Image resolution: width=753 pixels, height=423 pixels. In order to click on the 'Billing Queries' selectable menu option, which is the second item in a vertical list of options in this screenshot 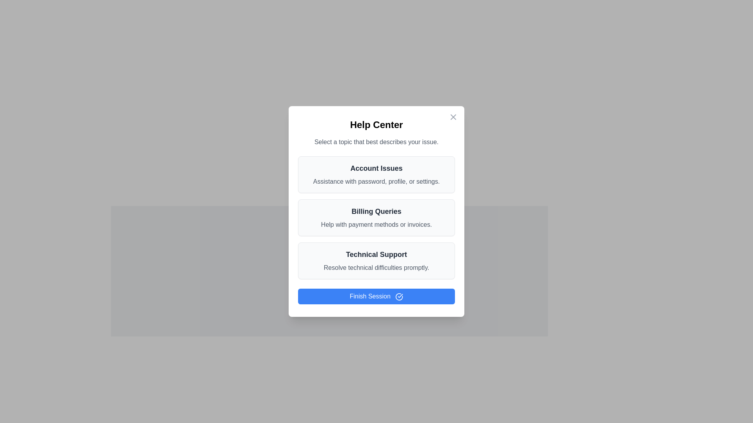, I will do `click(376, 217)`.